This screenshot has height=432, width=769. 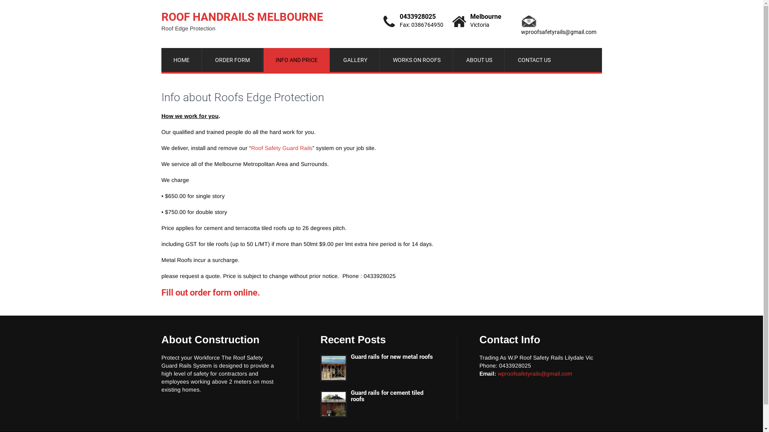 What do you see at coordinates (296, 60) in the screenshot?
I see `'INFO AND PRICE'` at bounding box center [296, 60].